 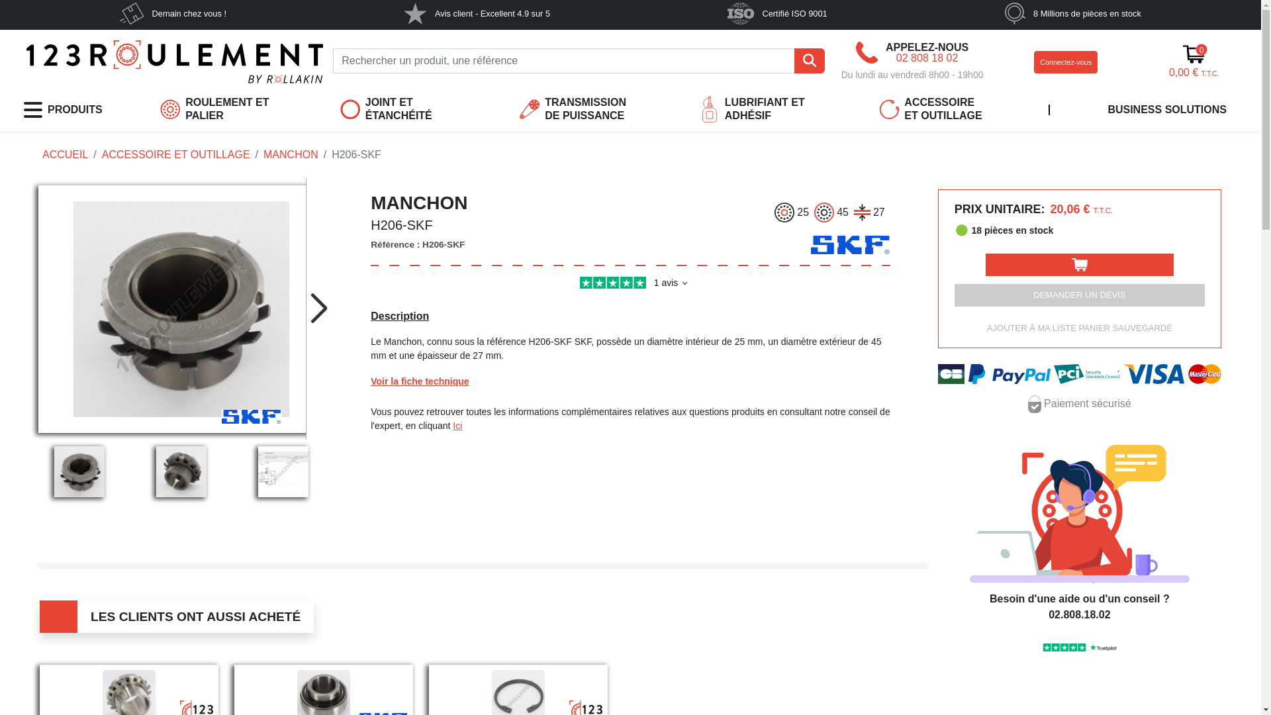 What do you see at coordinates (216, 109) in the screenshot?
I see `'ROULEMENT ET PALIER'` at bounding box center [216, 109].